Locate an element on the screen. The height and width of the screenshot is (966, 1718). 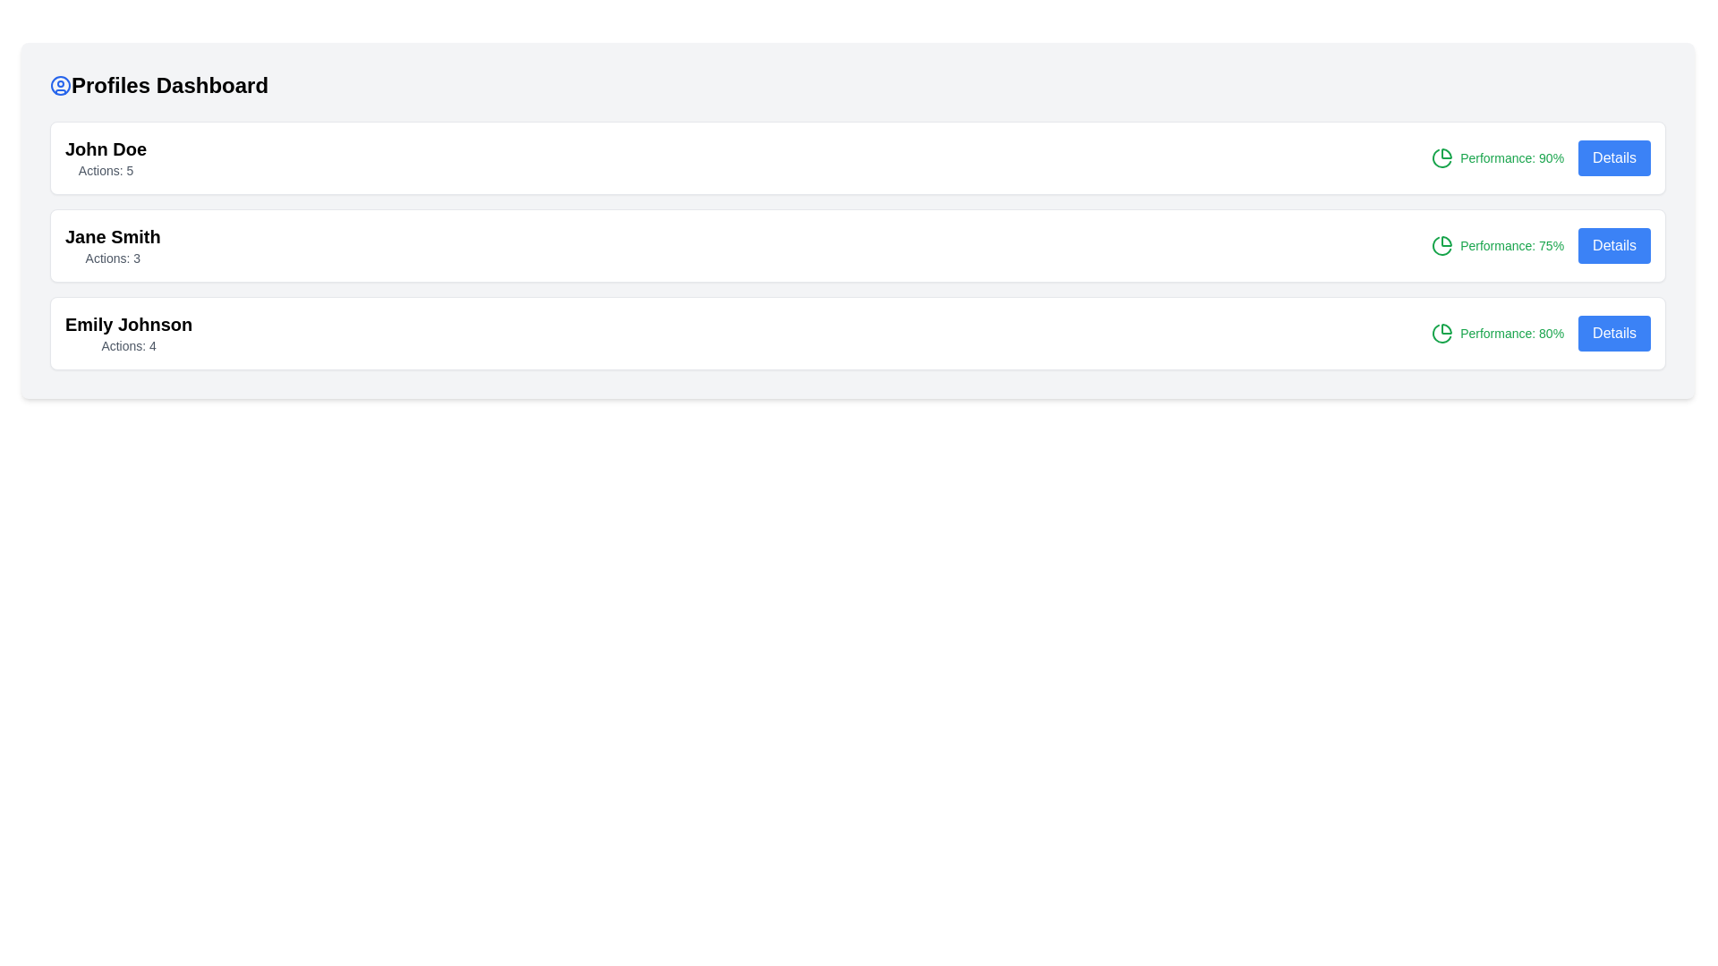
the filled circle with a blue outline located inside the icon to the left of the title 'Profiles Dashboard' is located at coordinates (60, 86).